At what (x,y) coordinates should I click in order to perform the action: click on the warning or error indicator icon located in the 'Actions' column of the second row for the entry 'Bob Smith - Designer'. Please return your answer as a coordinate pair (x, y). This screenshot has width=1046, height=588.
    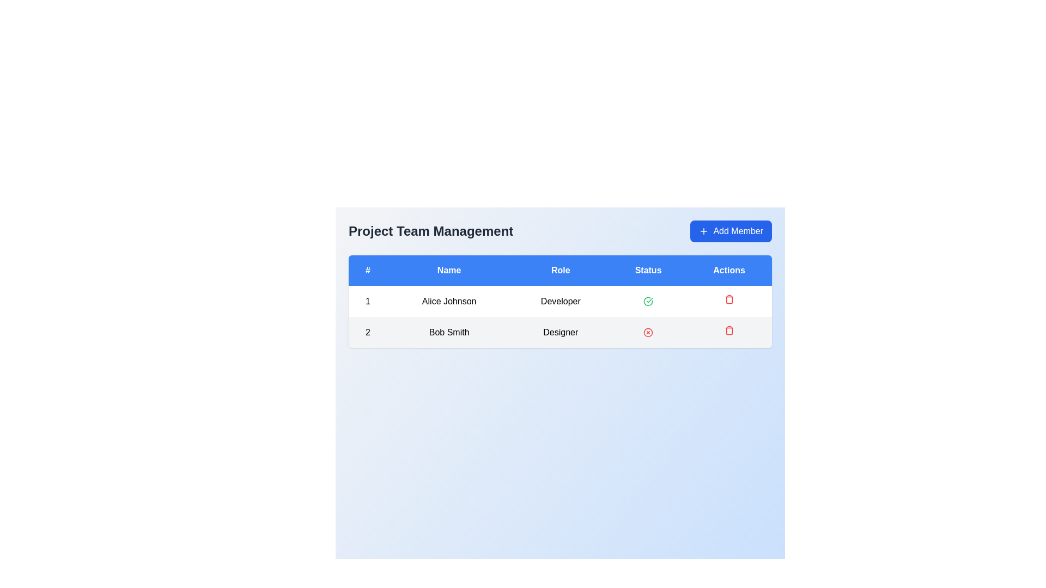
    Looking at the image, I should click on (648, 332).